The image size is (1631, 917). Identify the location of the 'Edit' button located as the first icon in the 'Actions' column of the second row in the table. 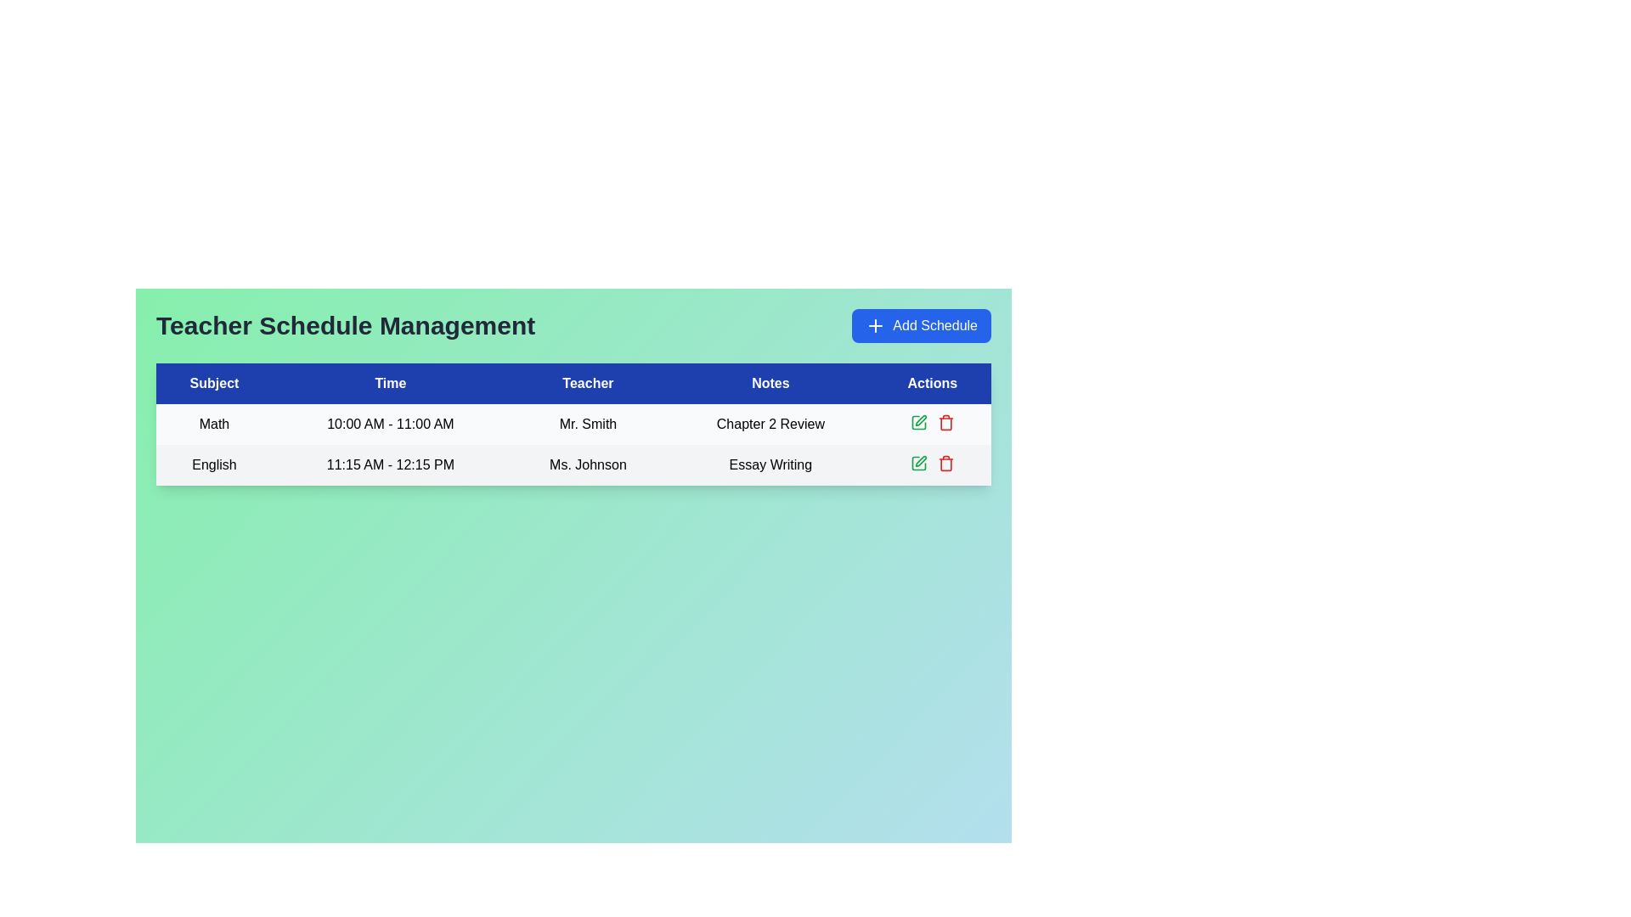
(917, 421).